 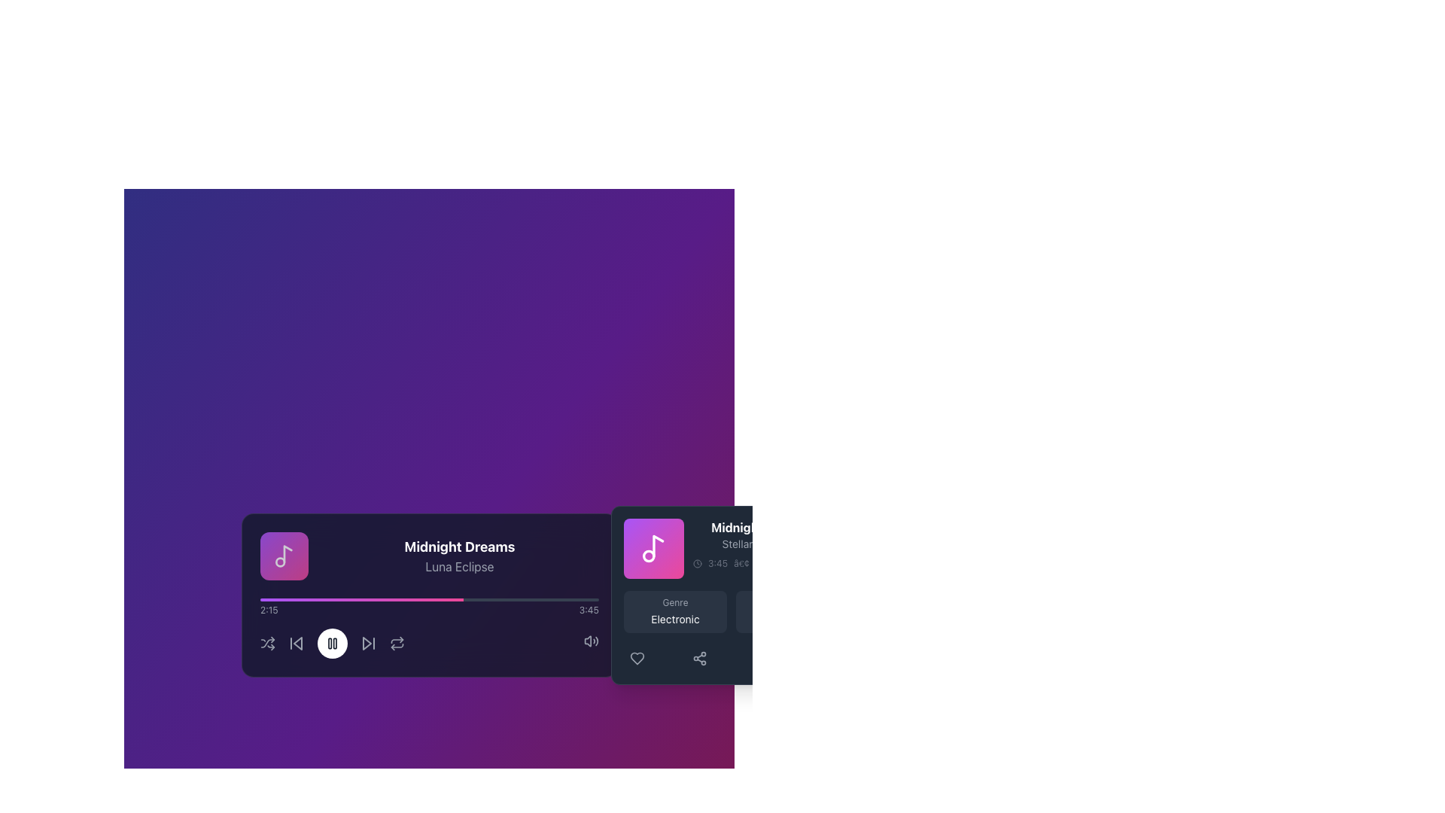 What do you see at coordinates (331, 644) in the screenshot?
I see `the circular button with a pause icon located centrally in the media control row` at bounding box center [331, 644].